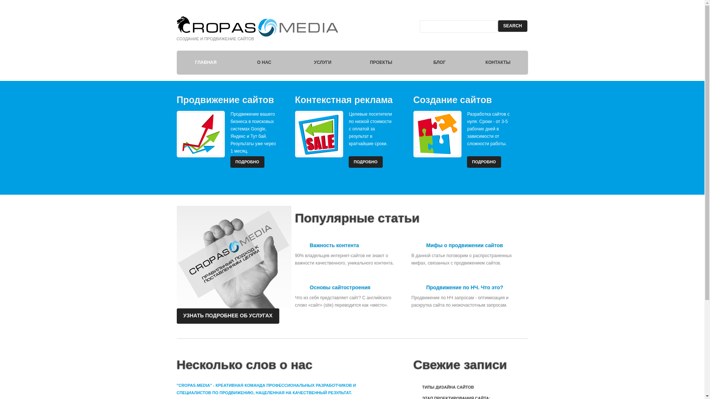 Image resolution: width=710 pixels, height=399 pixels. Describe the element at coordinates (512, 25) in the screenshot. I see `'search'` at that location.